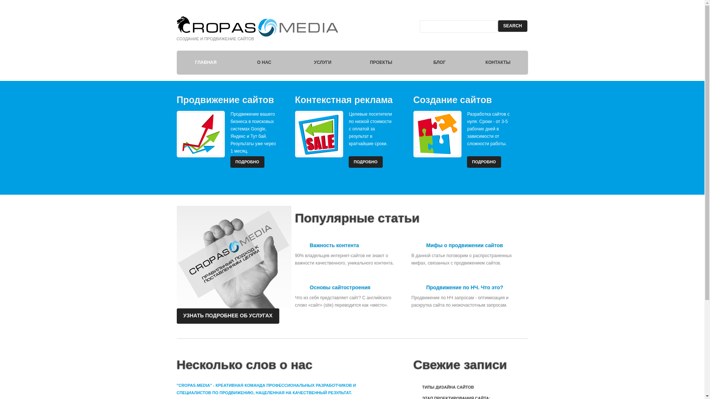 Image resolution: width=710 pixels, height=399 pixels. Describe the element at coordinates (512, 25) in the screenshot. I see `'search'` at that location.